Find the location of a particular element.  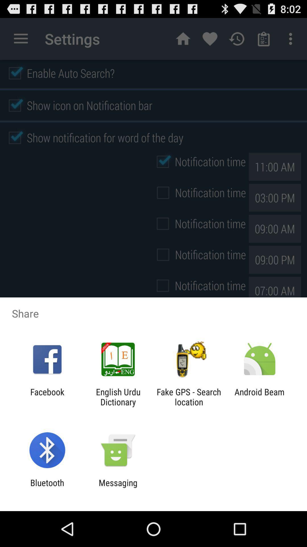

fake gps search item is located at coordinates (189, 397).